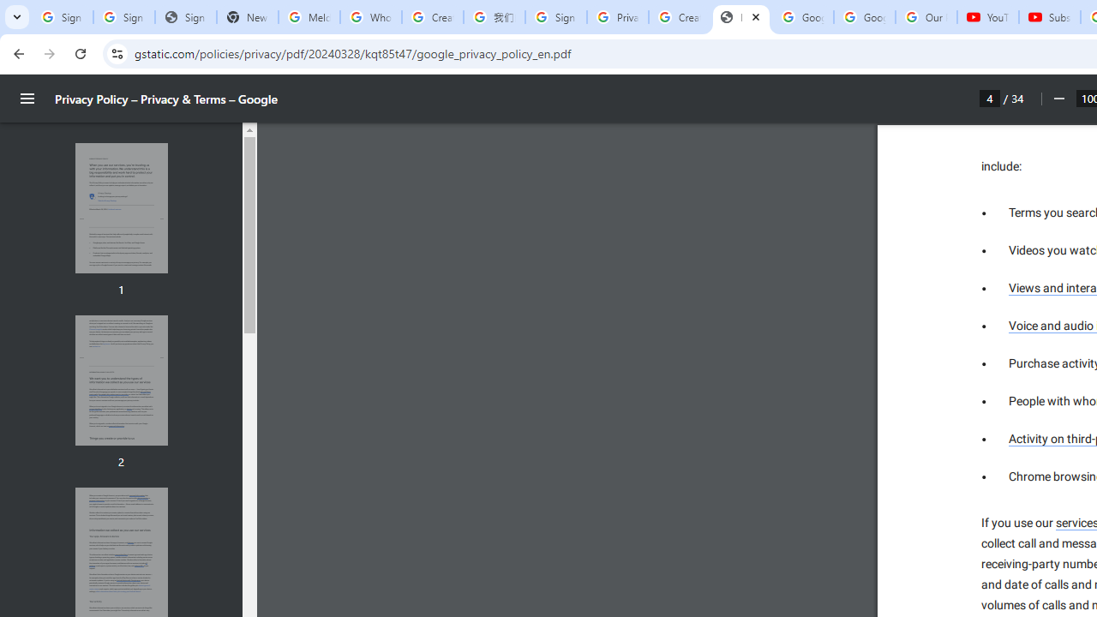  Describe the element at coordinates (120, 380) in the screenshot. I see `'Thumbnail for page 2'` at that location.